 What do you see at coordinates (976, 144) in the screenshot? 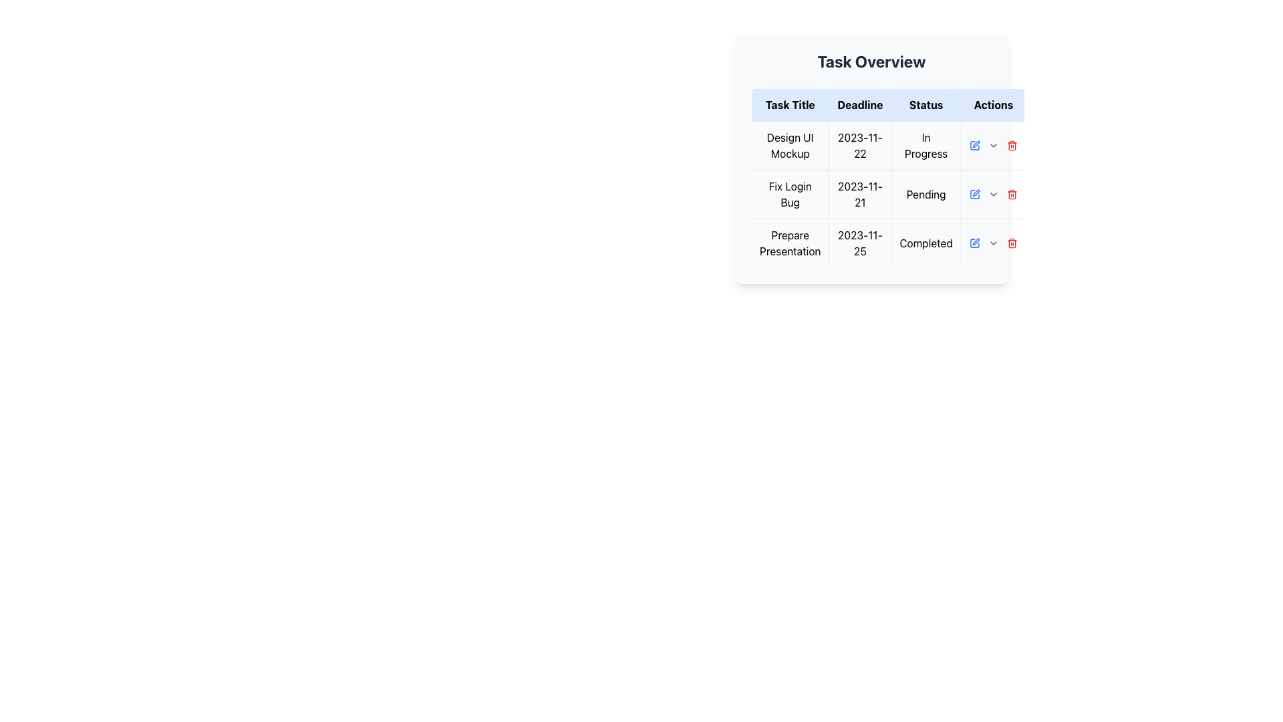
I see `the pen icon in the 'Actions' column of the second row for the task 'Fix Login Bug'` at bounding box center [976, 144].